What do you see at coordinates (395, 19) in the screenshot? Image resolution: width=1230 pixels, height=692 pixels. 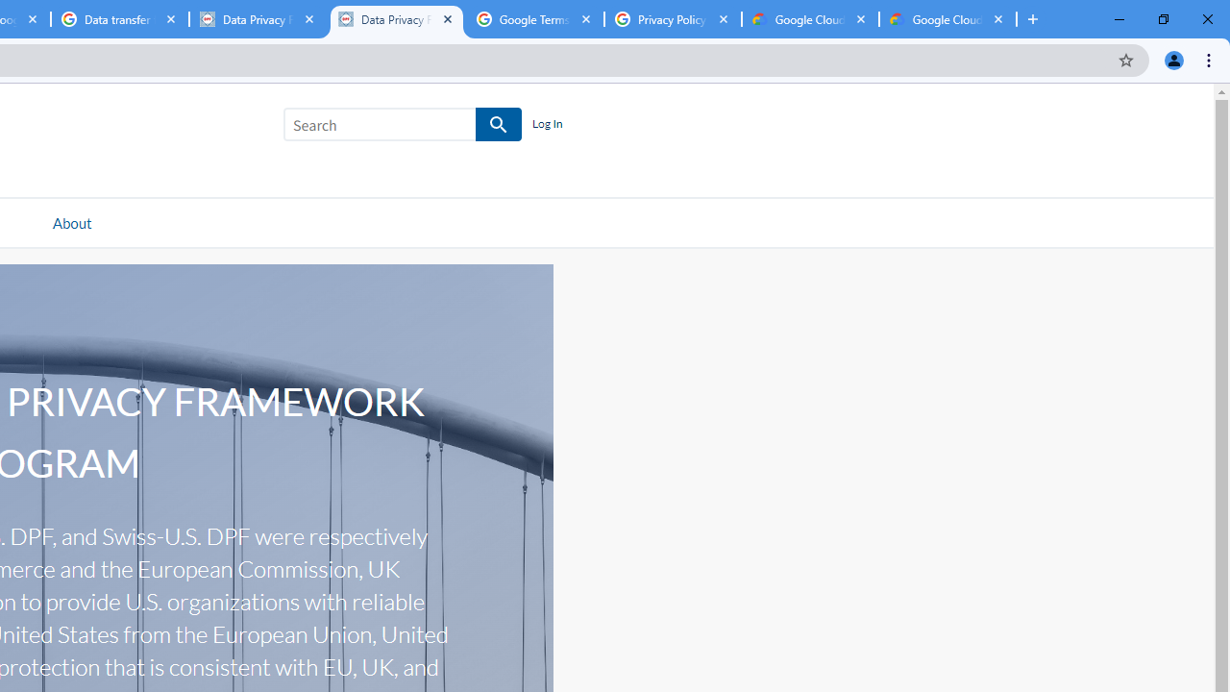 I see `'Data Privacy Framework'` at bounding box center [395, 19].